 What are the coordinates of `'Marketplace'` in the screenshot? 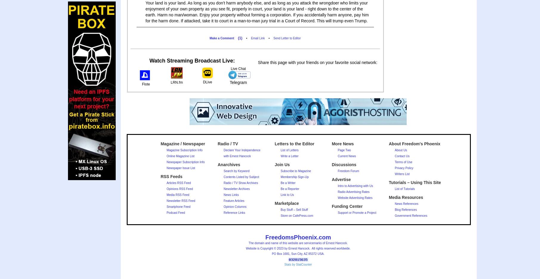 It's located at (286, 203).